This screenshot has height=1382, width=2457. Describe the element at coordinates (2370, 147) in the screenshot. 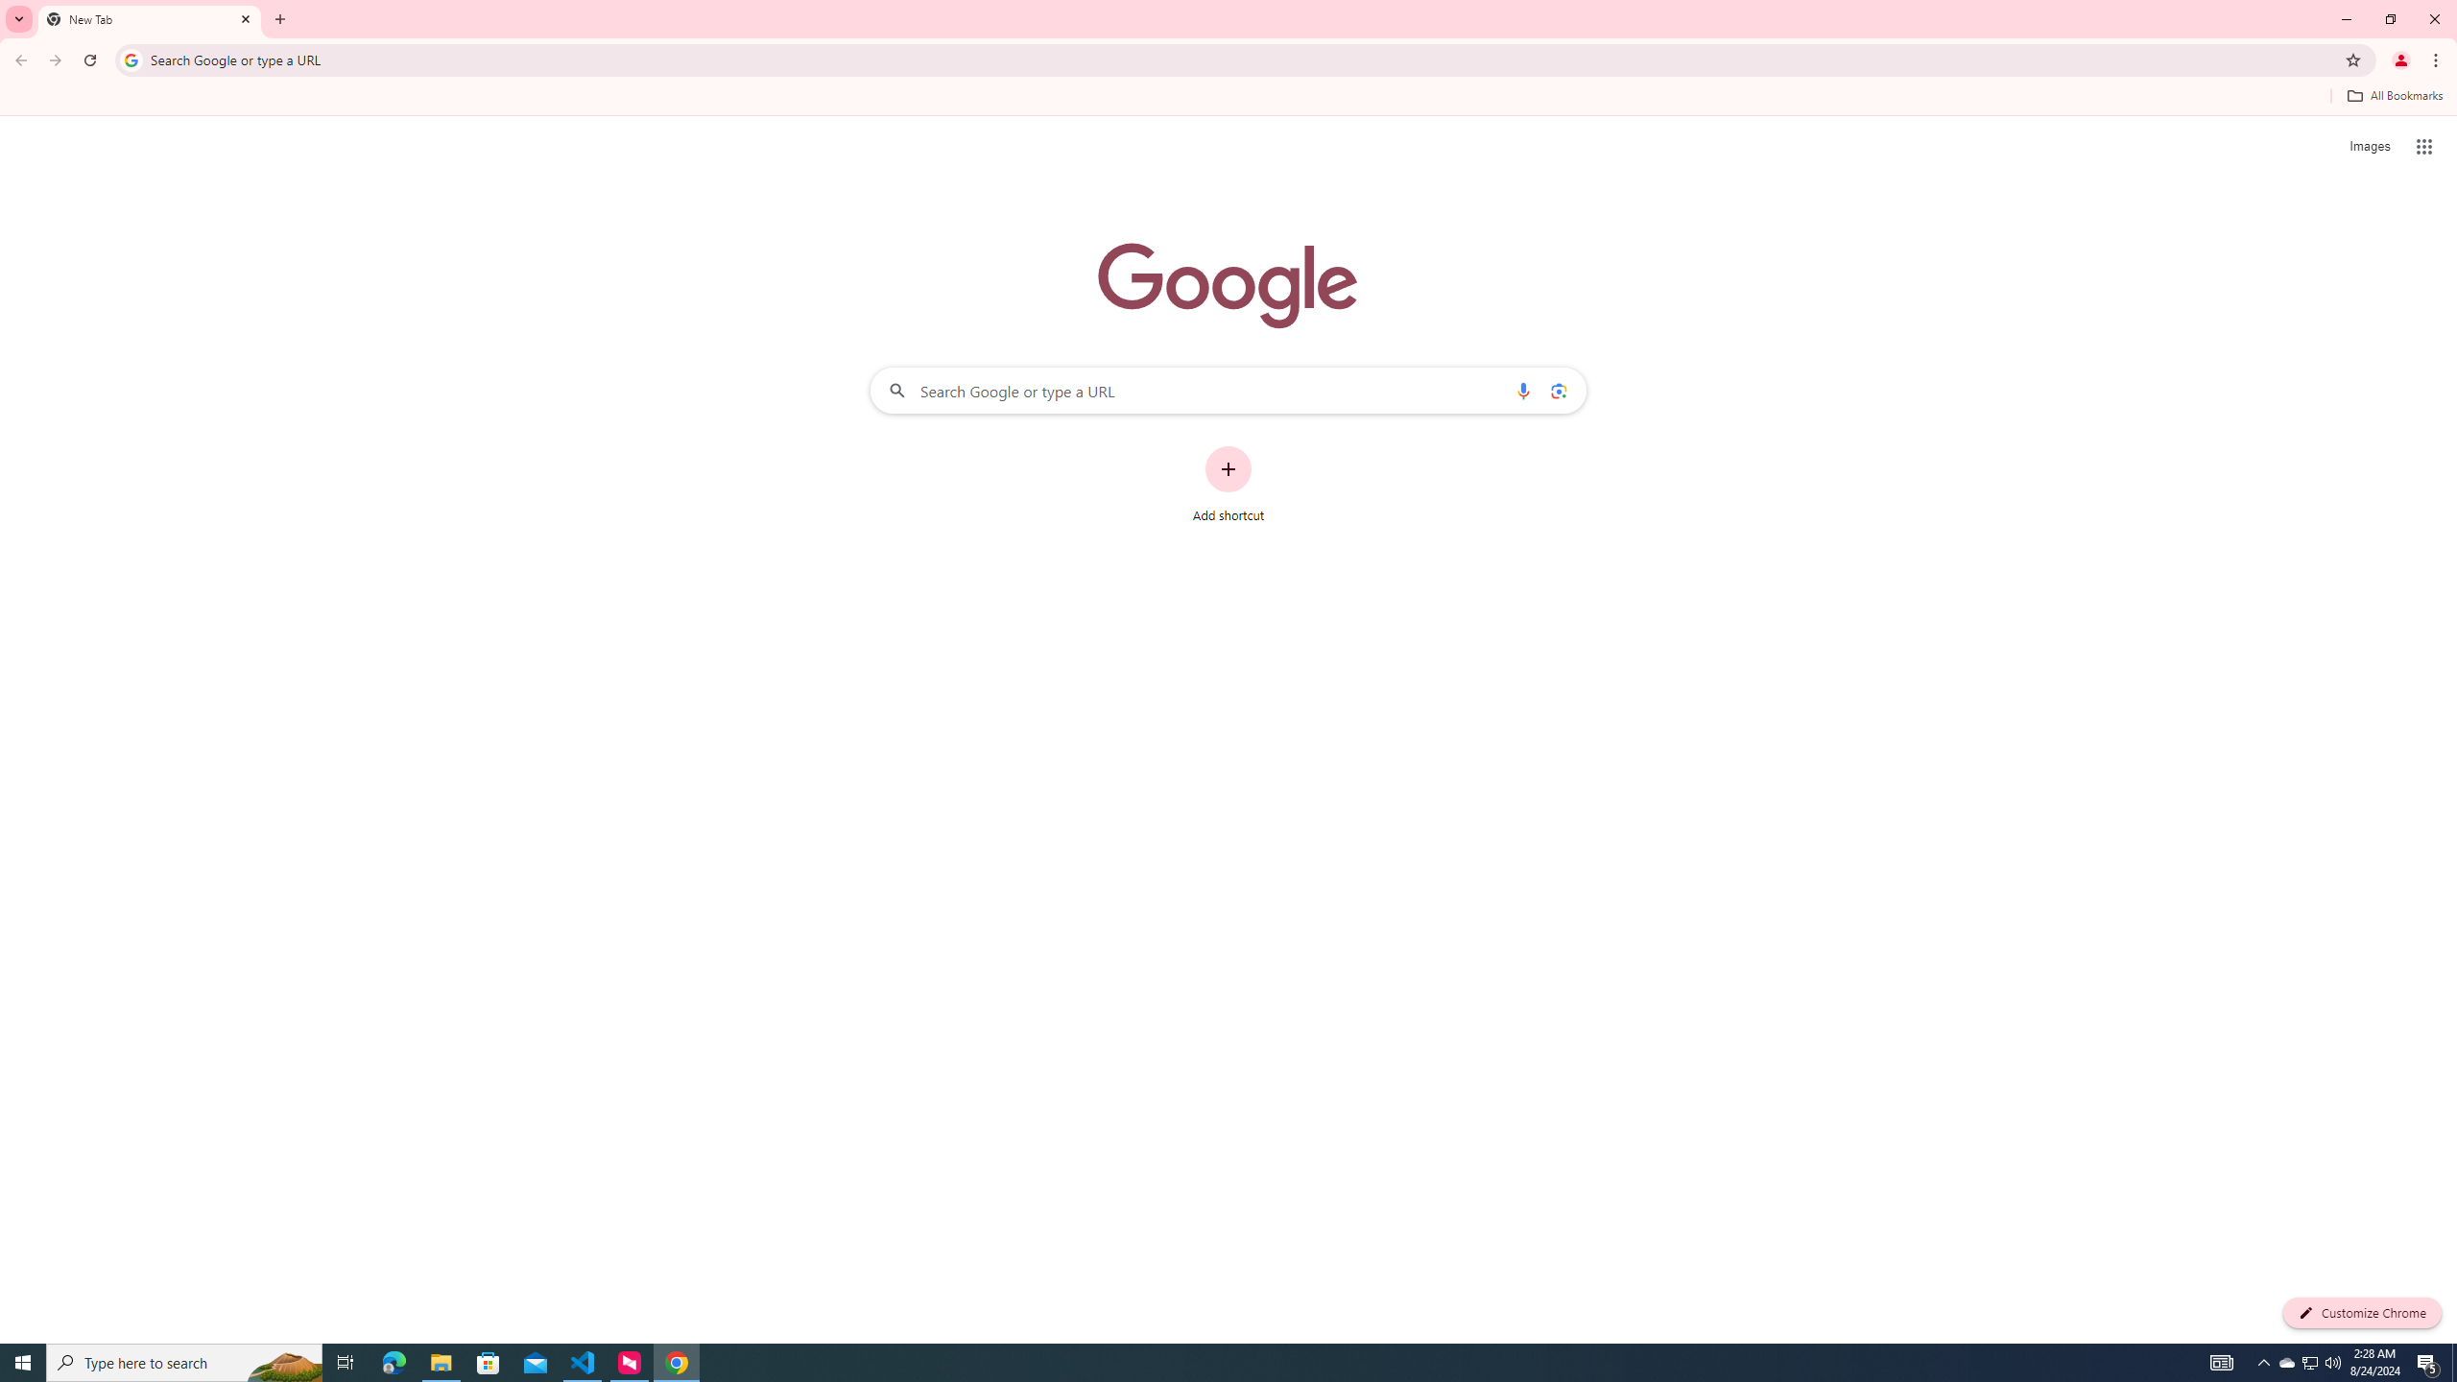

I see `'Search for Images '` at that location.